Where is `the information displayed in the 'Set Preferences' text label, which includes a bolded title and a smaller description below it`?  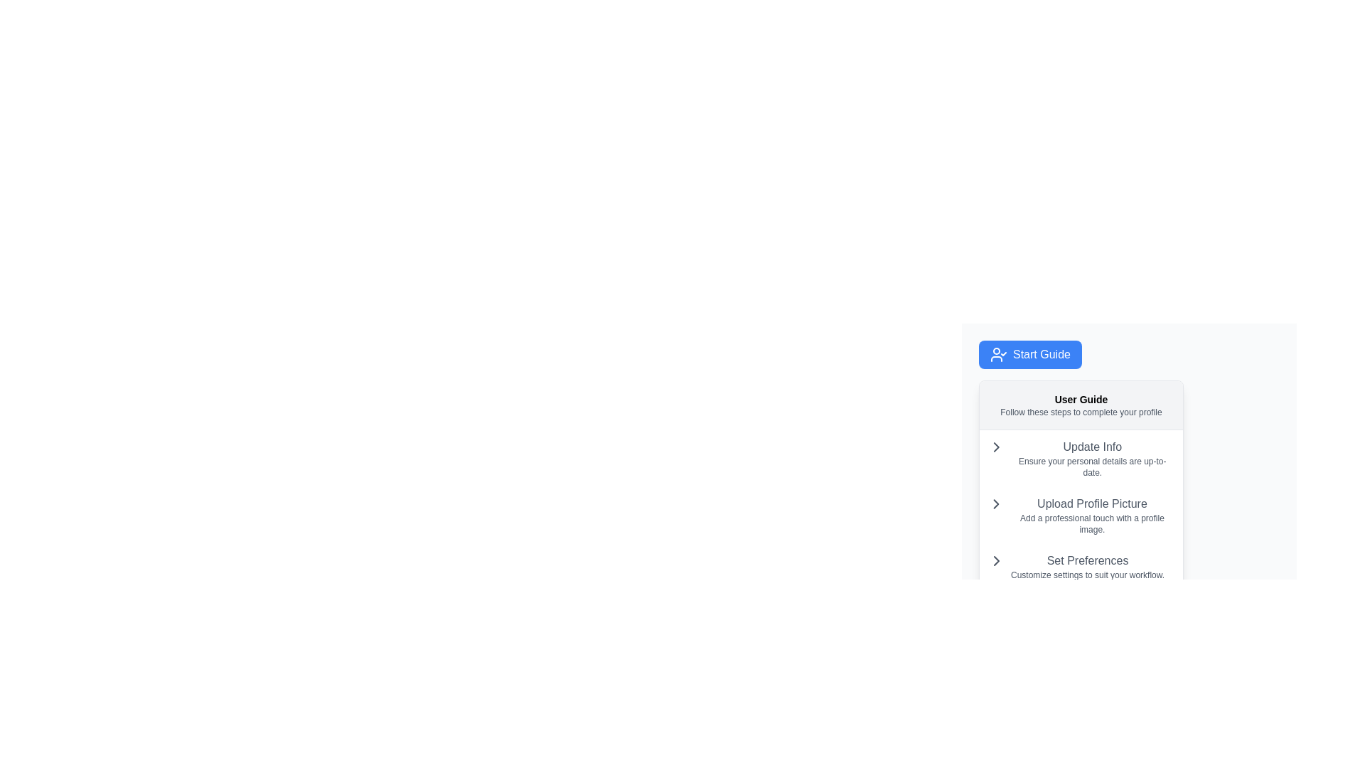
the information displayed in the 'Set Preferences' text label, which includes a bolded title and a smaller description below it is located at coordinates (1087, 566).